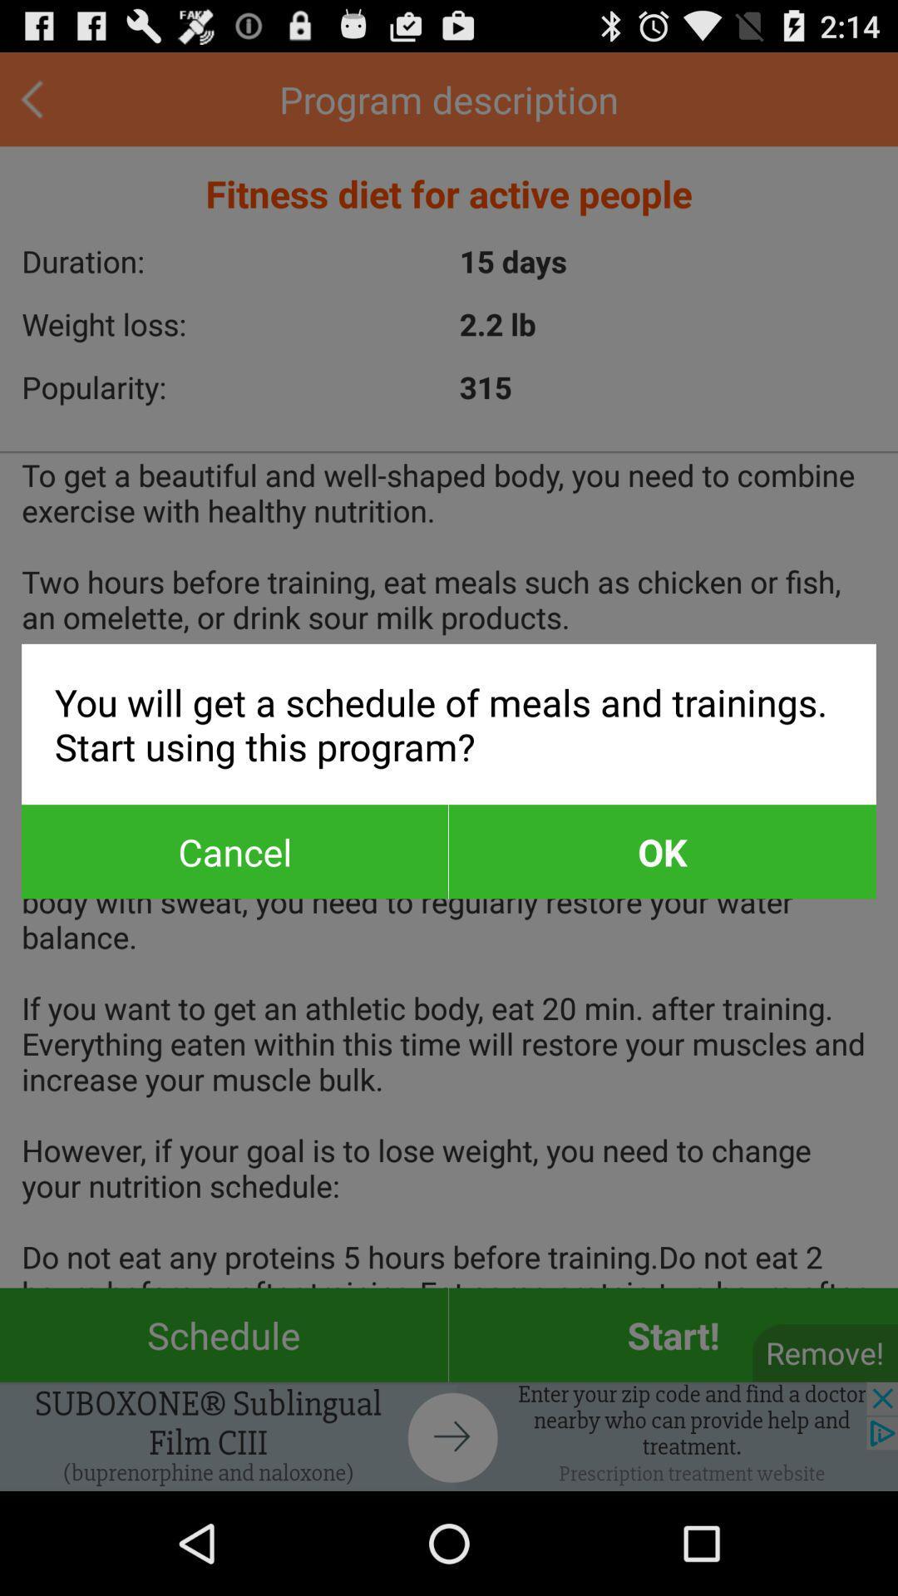 The width and height of the screenshot is (898, 1596). I want to click on the button next to ok, so click(234, 851).